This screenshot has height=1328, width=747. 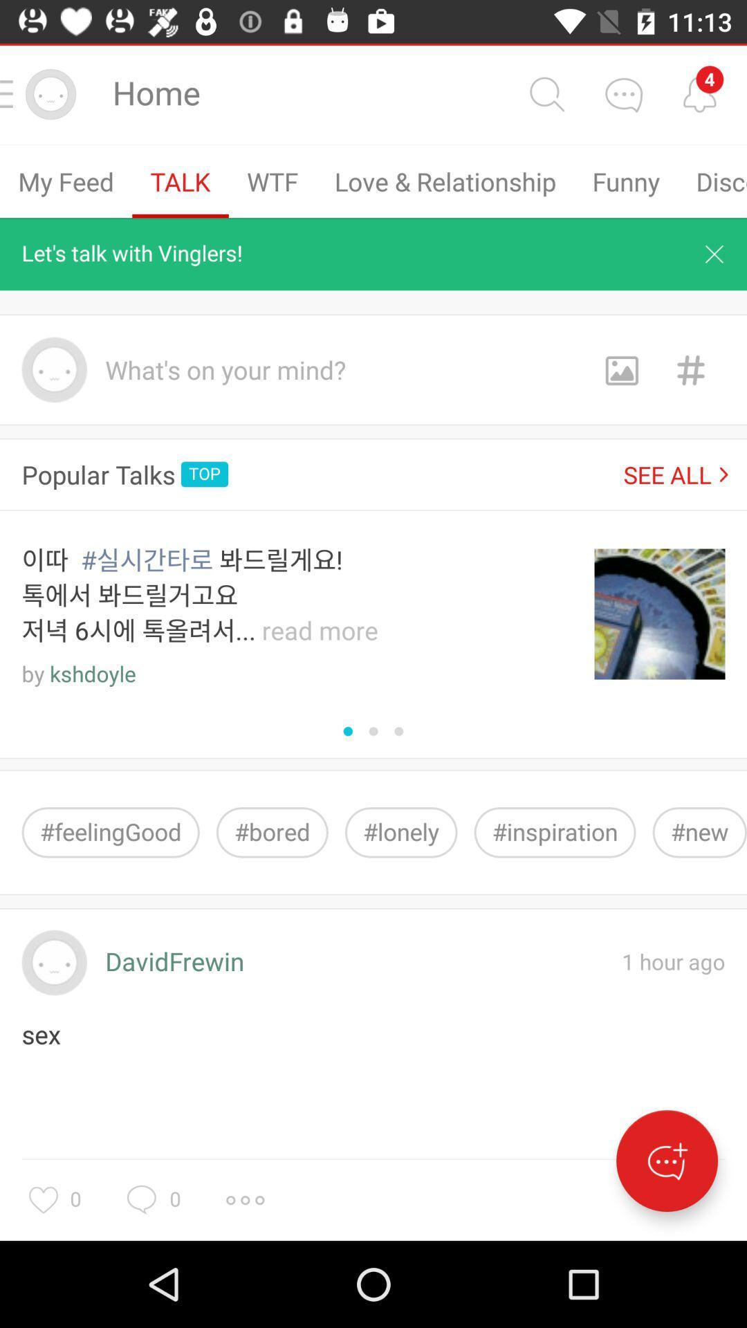 What do you see at coordinates (244, 1199) in the screenshot?
I see `the settings page` at bounding box center [244, 1199].